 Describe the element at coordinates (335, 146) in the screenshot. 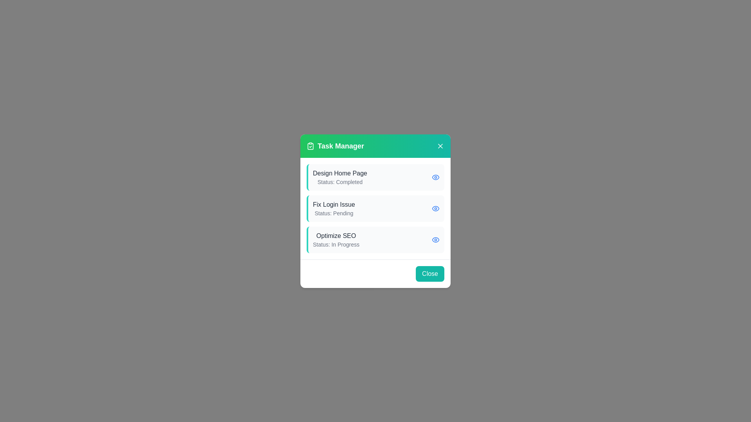

I see `the 'Task Manager' heading with the clipboard icon, which is styled with white text on a green gradient background, located at the top-left corner of the header bar in the modal window` at that location.